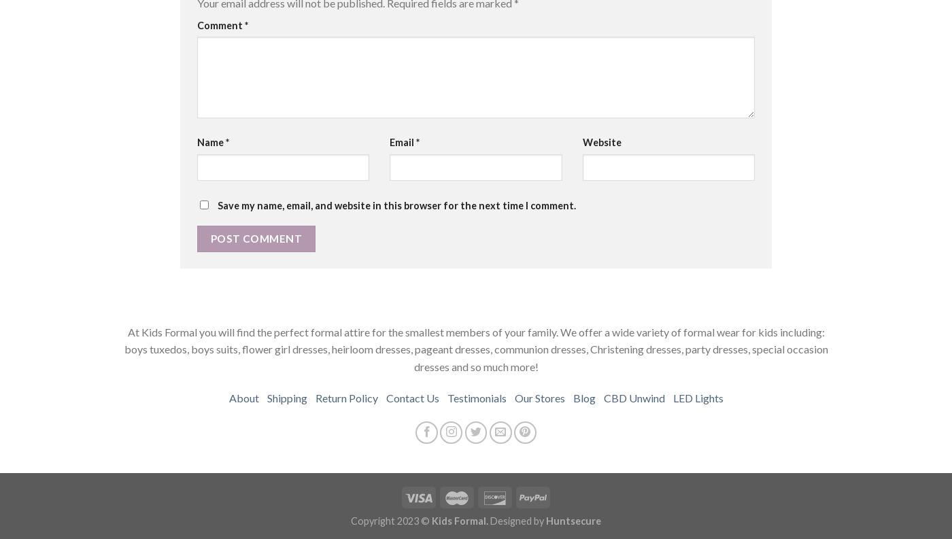  What do you see at coordinates (476, 398) in the screenshot?
I see `'Testimonials'` at bounding box center [476, 398].